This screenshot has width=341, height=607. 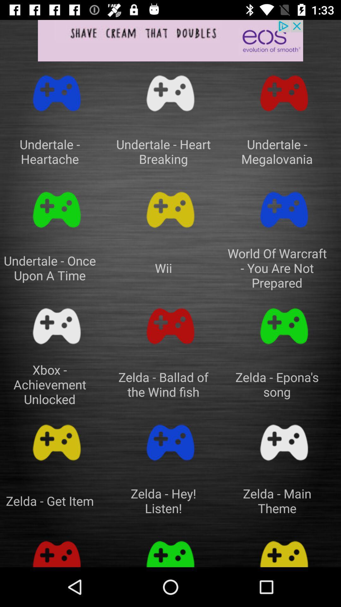 I want to click on choose an item, so click(x=57, y=442).